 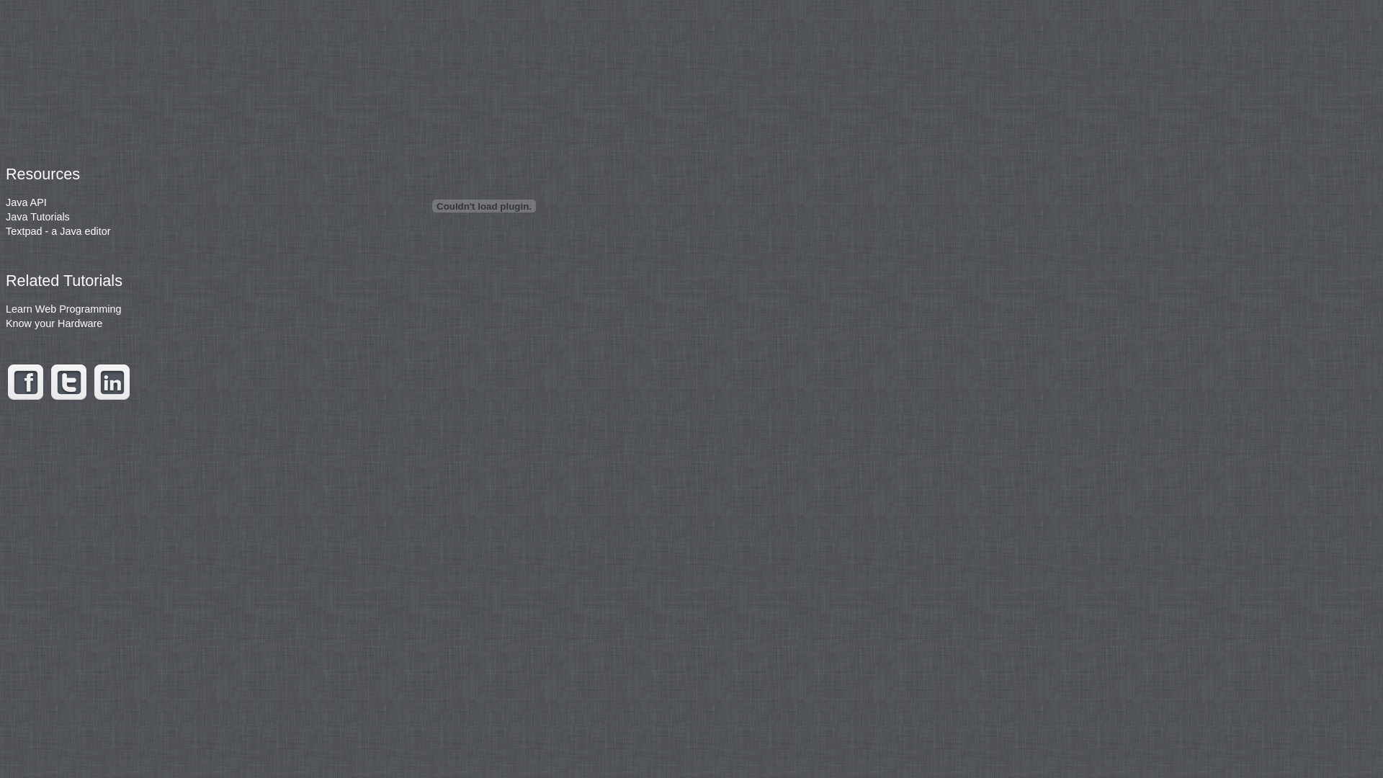 I want to click on 'Textpad - a Java editor', so click(x=58, y=230).